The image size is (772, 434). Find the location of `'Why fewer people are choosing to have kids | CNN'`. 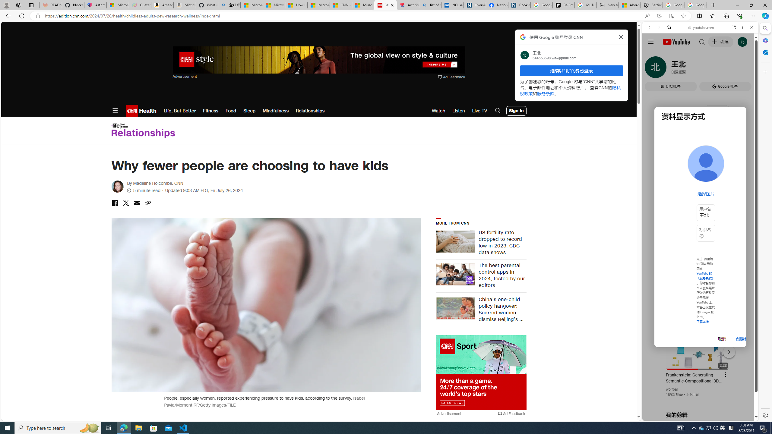

'Why fewer people are choosing to have kids | CNN' is located at coordinates (385, 5).